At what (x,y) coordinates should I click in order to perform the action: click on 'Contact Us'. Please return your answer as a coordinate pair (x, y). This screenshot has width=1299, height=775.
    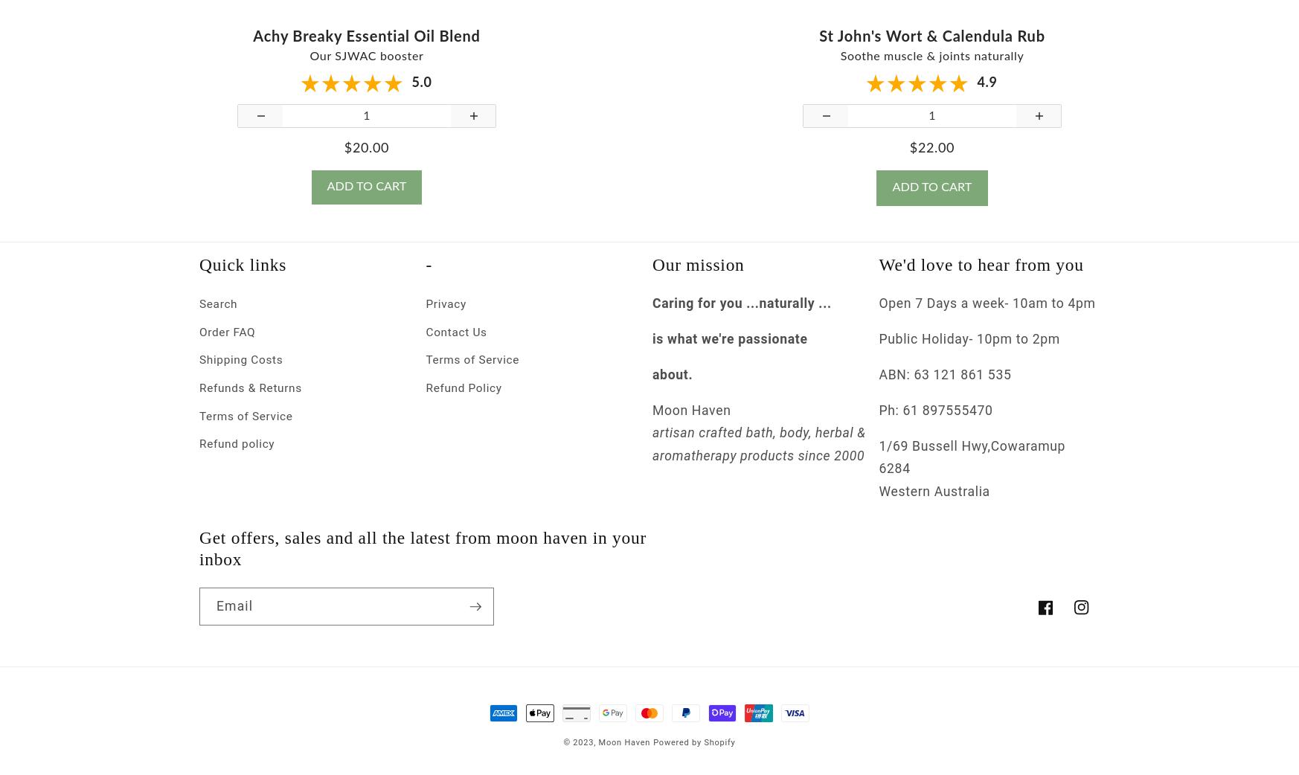
    Looking at the image, I should click on (456, 345).